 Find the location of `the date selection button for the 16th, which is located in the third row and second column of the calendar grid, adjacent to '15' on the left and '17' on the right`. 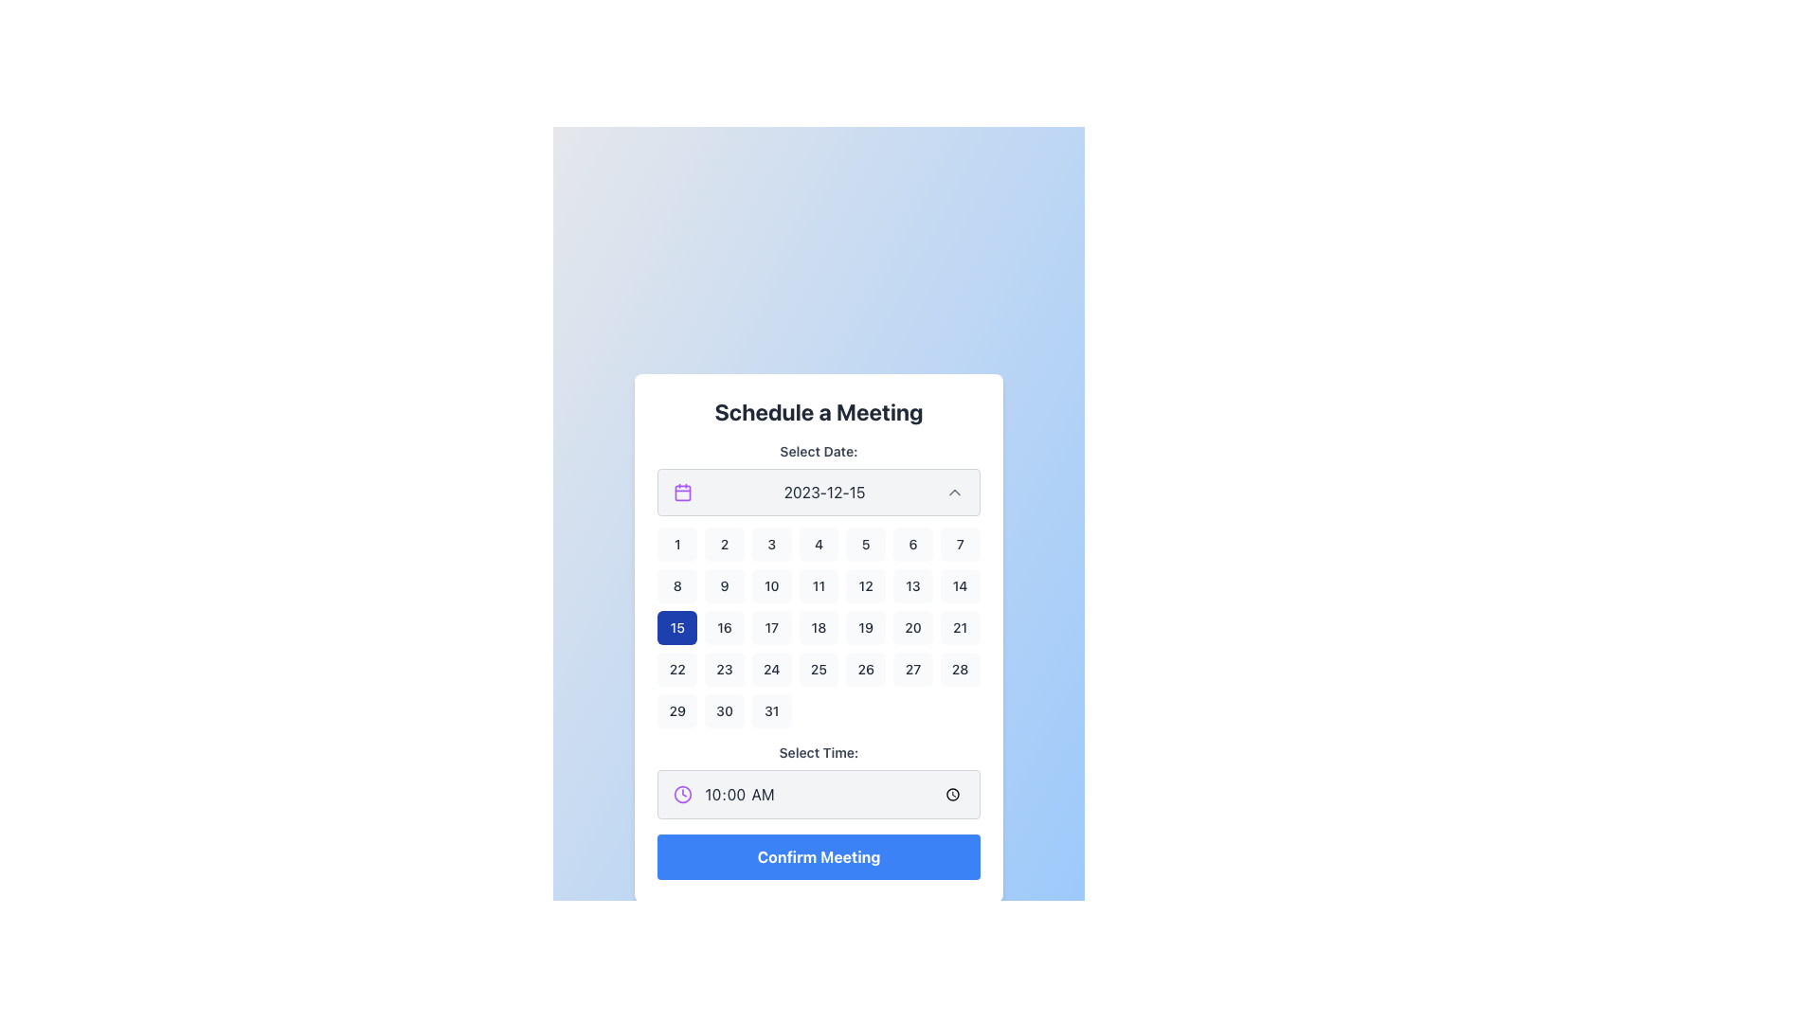

the date selection button for the 16th, which is located in the third row and second column of the calendar grid, adjacent to '15' on the left and '17' on the right is located at coordinates (723, 628).